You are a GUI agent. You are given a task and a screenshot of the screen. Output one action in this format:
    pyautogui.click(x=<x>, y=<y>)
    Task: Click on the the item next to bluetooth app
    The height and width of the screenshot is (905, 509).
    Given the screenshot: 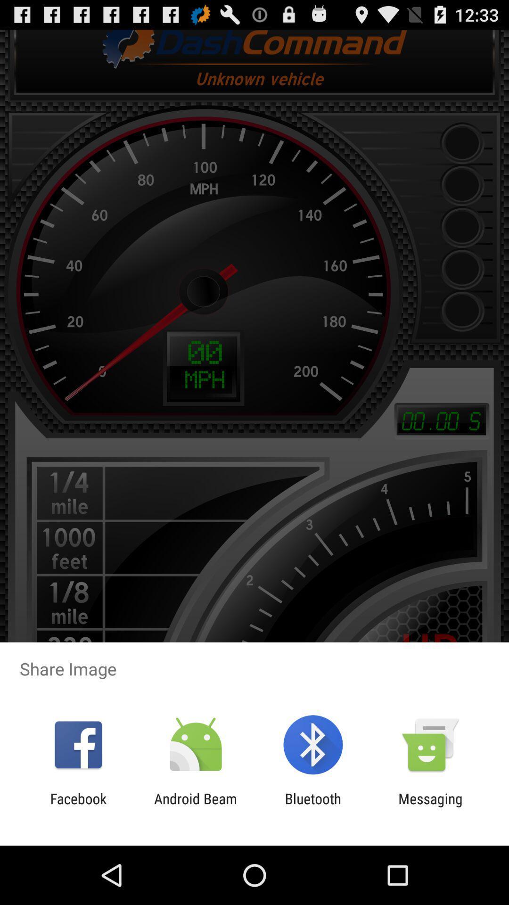 What is the action you would take?
    pyautogui.click(x=195, y=806)
    